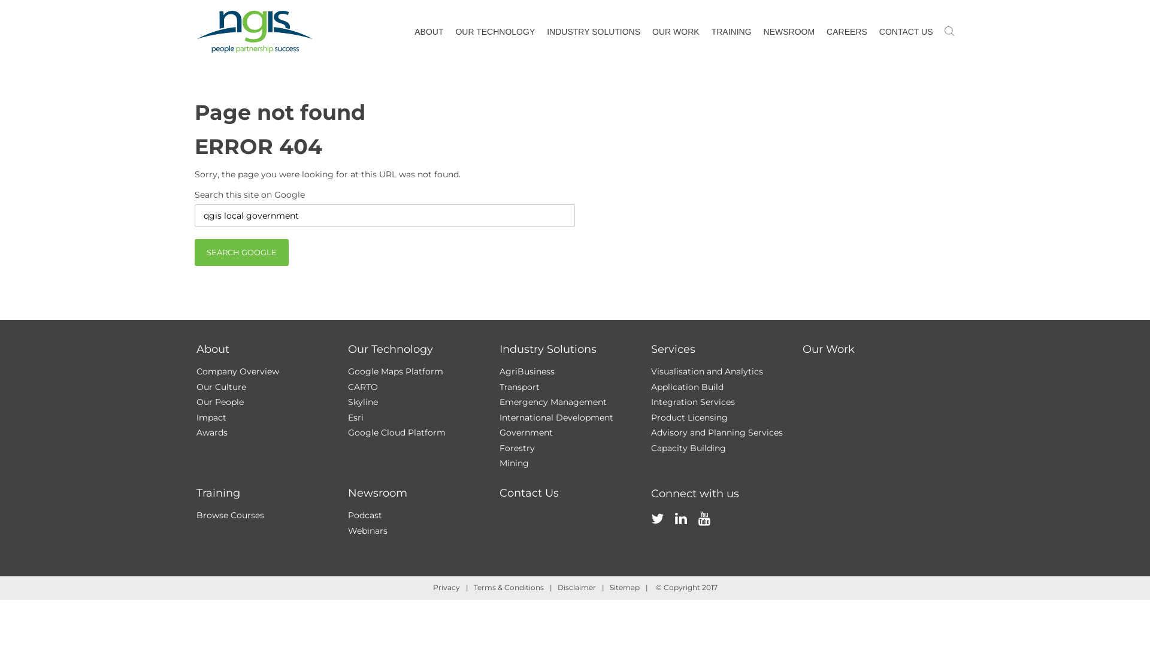  What do you see at coordinates (624, 586) in the screenshot?
I see `'Sitemap'` at bounding box center [624, 586].